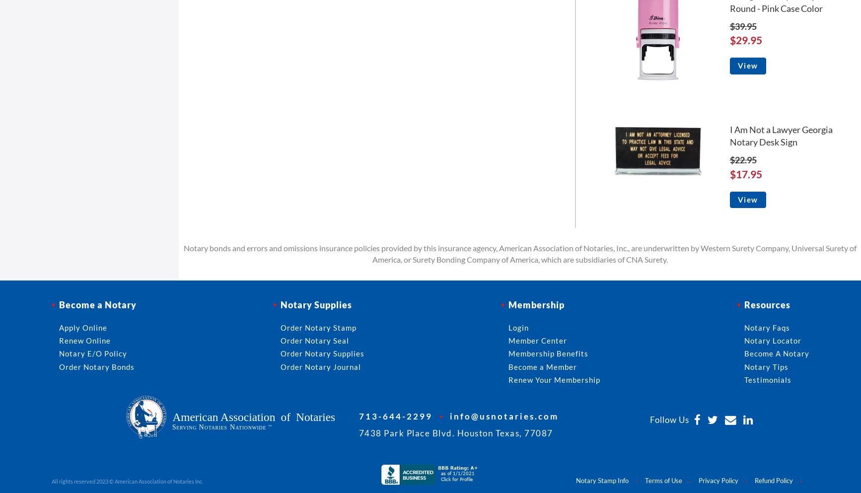  I want to click on 'Become a Notary', so click(97, 303).